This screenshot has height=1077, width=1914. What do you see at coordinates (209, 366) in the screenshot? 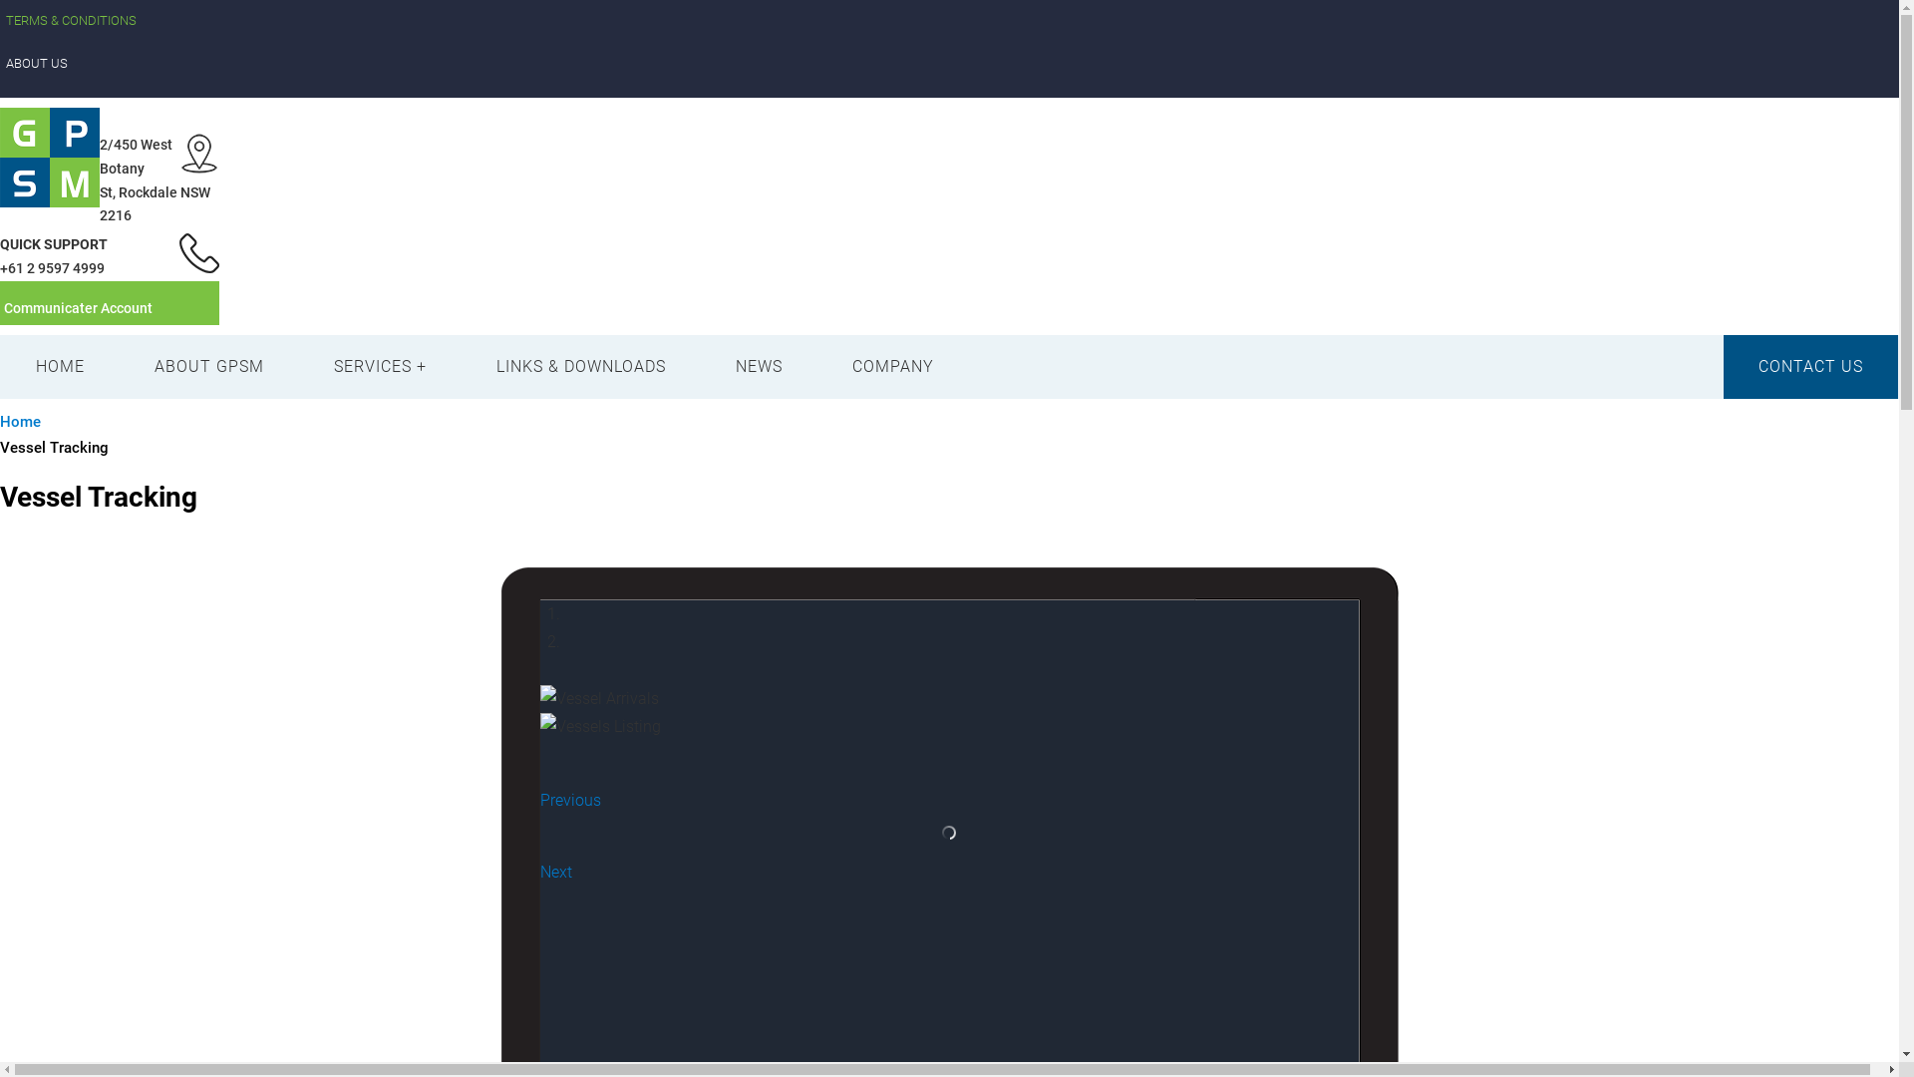
I see `'ABOUT GPSM'` at bounding box center [209, 366].